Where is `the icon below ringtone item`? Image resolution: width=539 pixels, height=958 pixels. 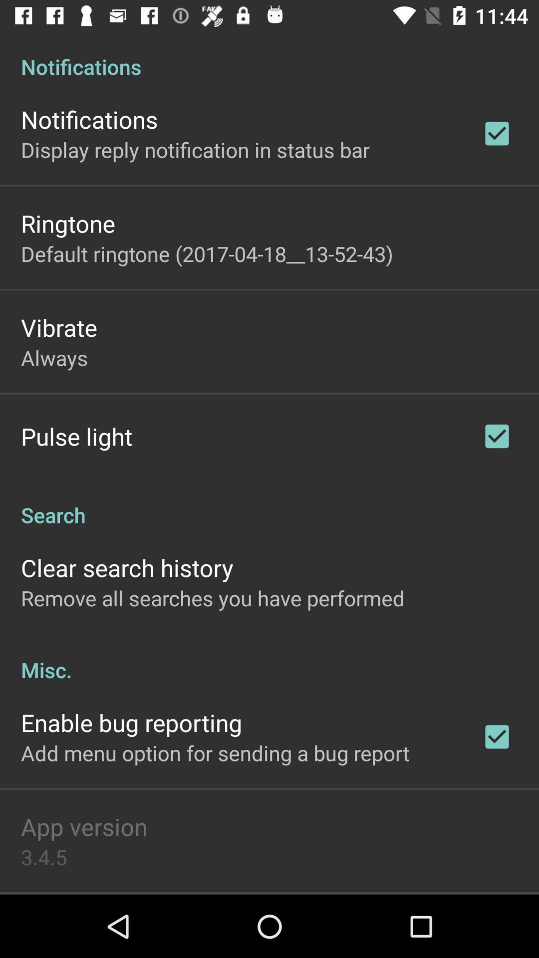 the icon below ringtone item is located at coordinates (206, 253).